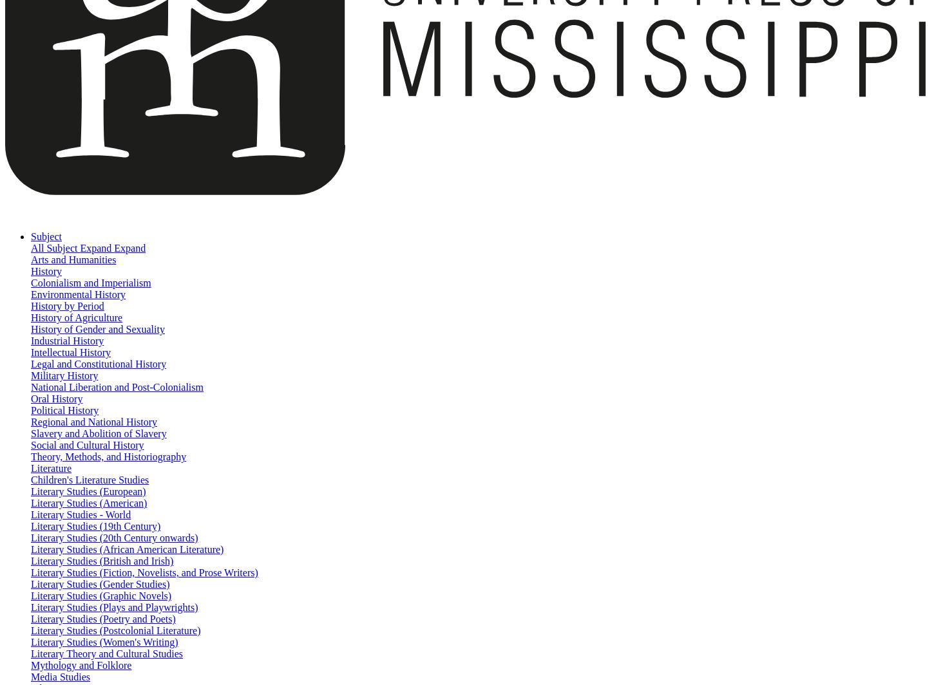  Describe the element at coordinates (101, 561) in the screenshot. I see `'Literary Studies (British and Irish)'` at that location.